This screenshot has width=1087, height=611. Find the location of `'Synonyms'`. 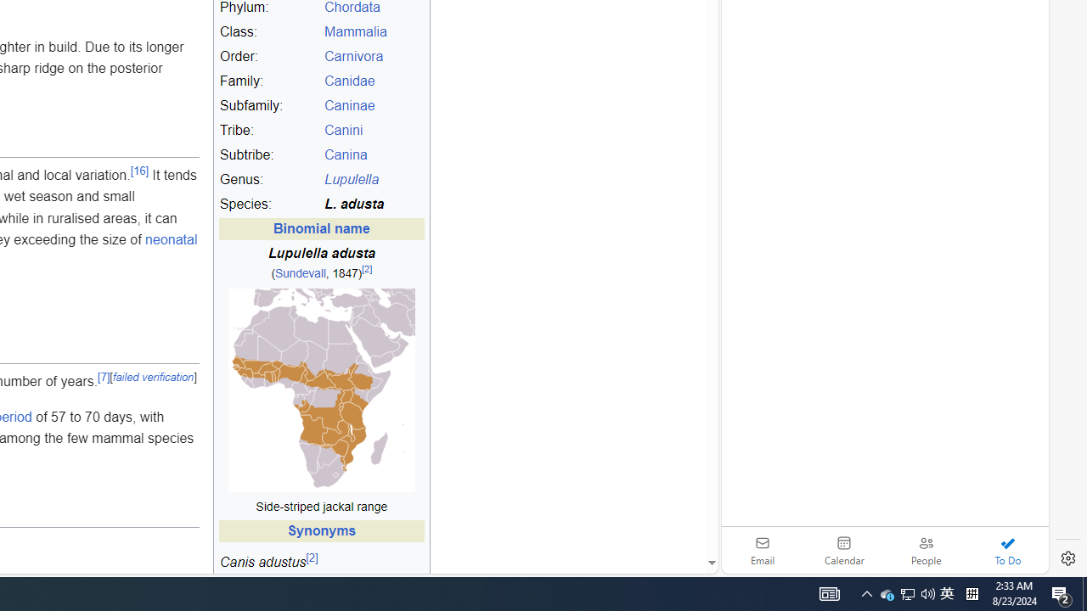

'Synonyms' is located at coordinates (321, 530).